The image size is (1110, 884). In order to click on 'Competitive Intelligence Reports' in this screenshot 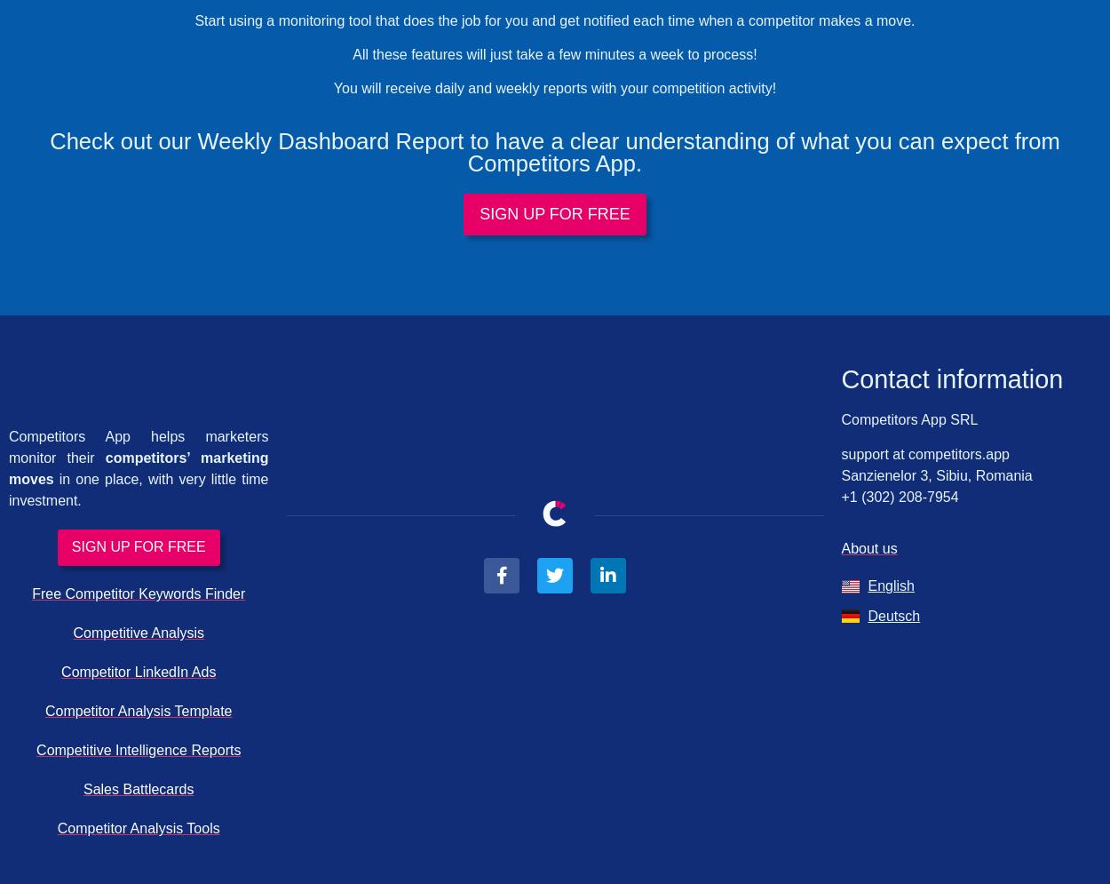, I will do `click(36, 750)`.